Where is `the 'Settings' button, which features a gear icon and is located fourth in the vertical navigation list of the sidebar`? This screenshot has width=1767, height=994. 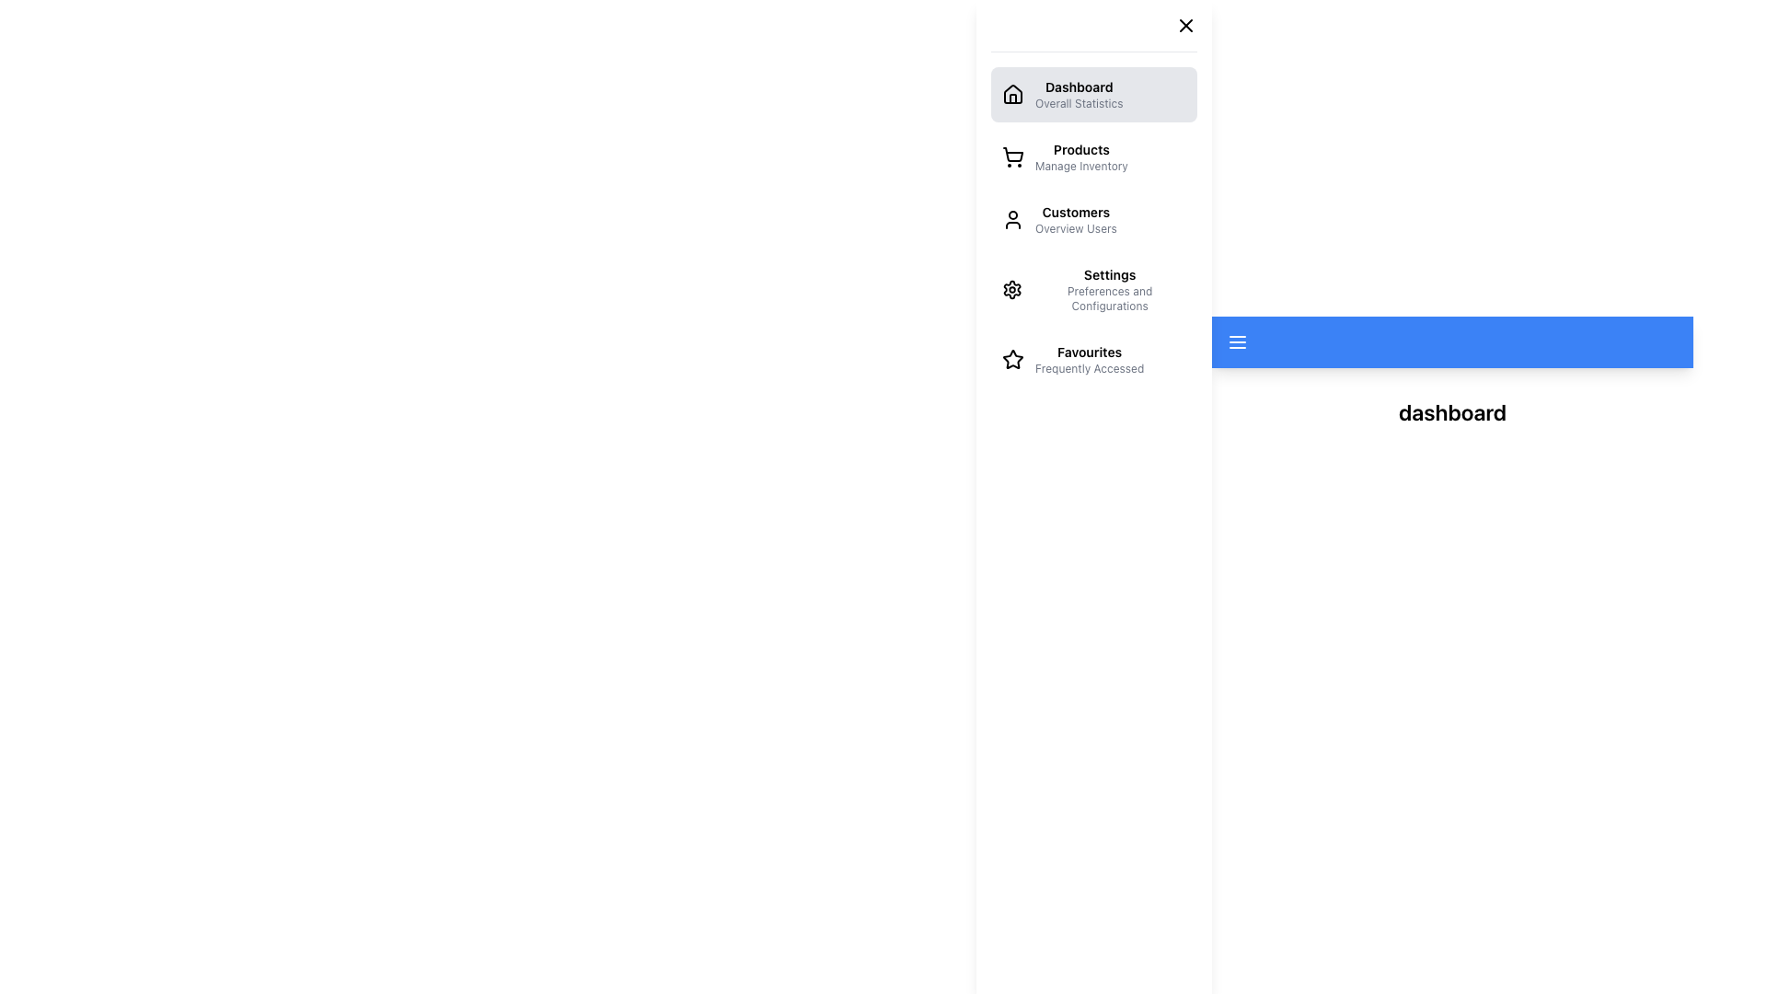
the 'Settings' button, which features a gear icon and is located fourth in the vertical navigation list of the sidebar is located at coordinates (1094, 290).